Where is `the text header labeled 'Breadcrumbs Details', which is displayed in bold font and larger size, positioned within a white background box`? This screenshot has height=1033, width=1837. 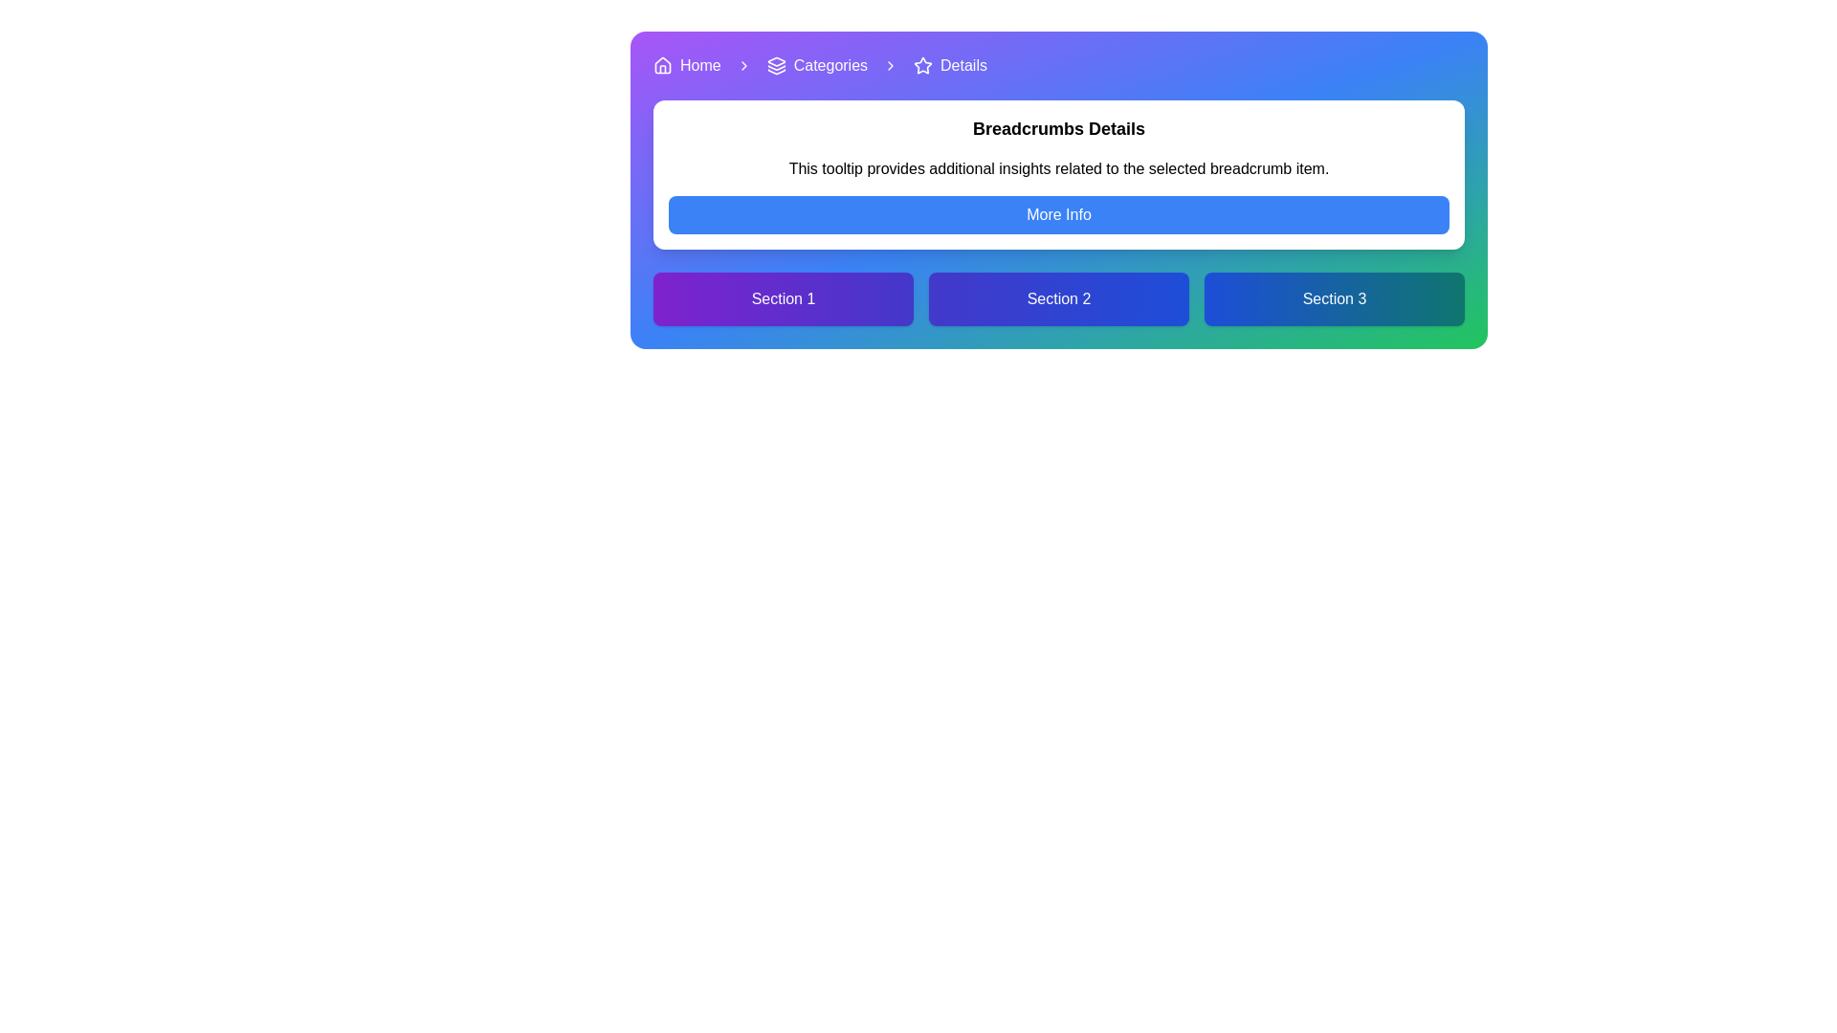 the text header labeled 'Breadcrumbs Details', which is displayed in bold font and larger size, positioned within a white background box is located at coordinates (1058, 129).